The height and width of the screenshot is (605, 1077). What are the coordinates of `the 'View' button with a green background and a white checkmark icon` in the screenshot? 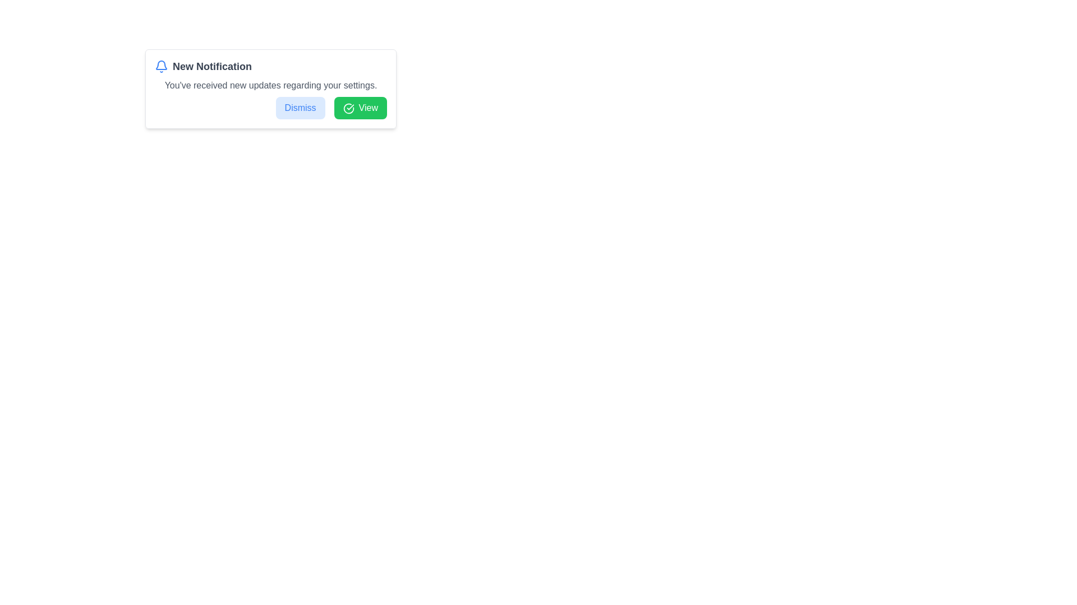 It's located at (360, 108).